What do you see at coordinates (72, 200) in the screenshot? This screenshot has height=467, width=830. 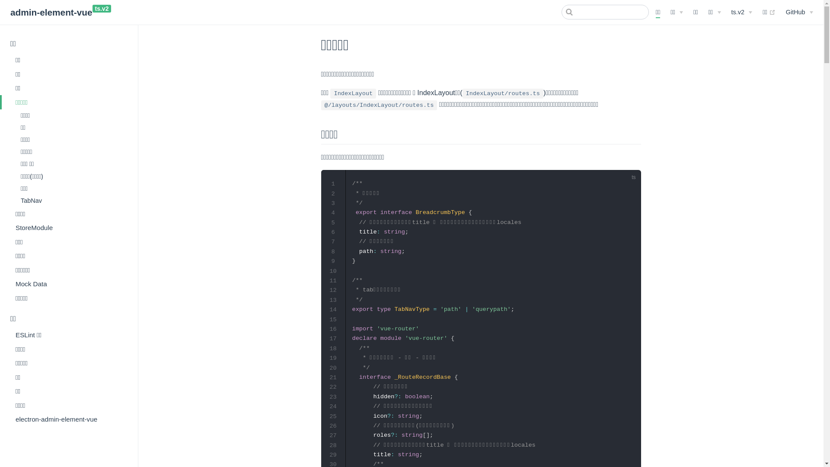 I see `'TabNav'` at bounding box center [72, 200].